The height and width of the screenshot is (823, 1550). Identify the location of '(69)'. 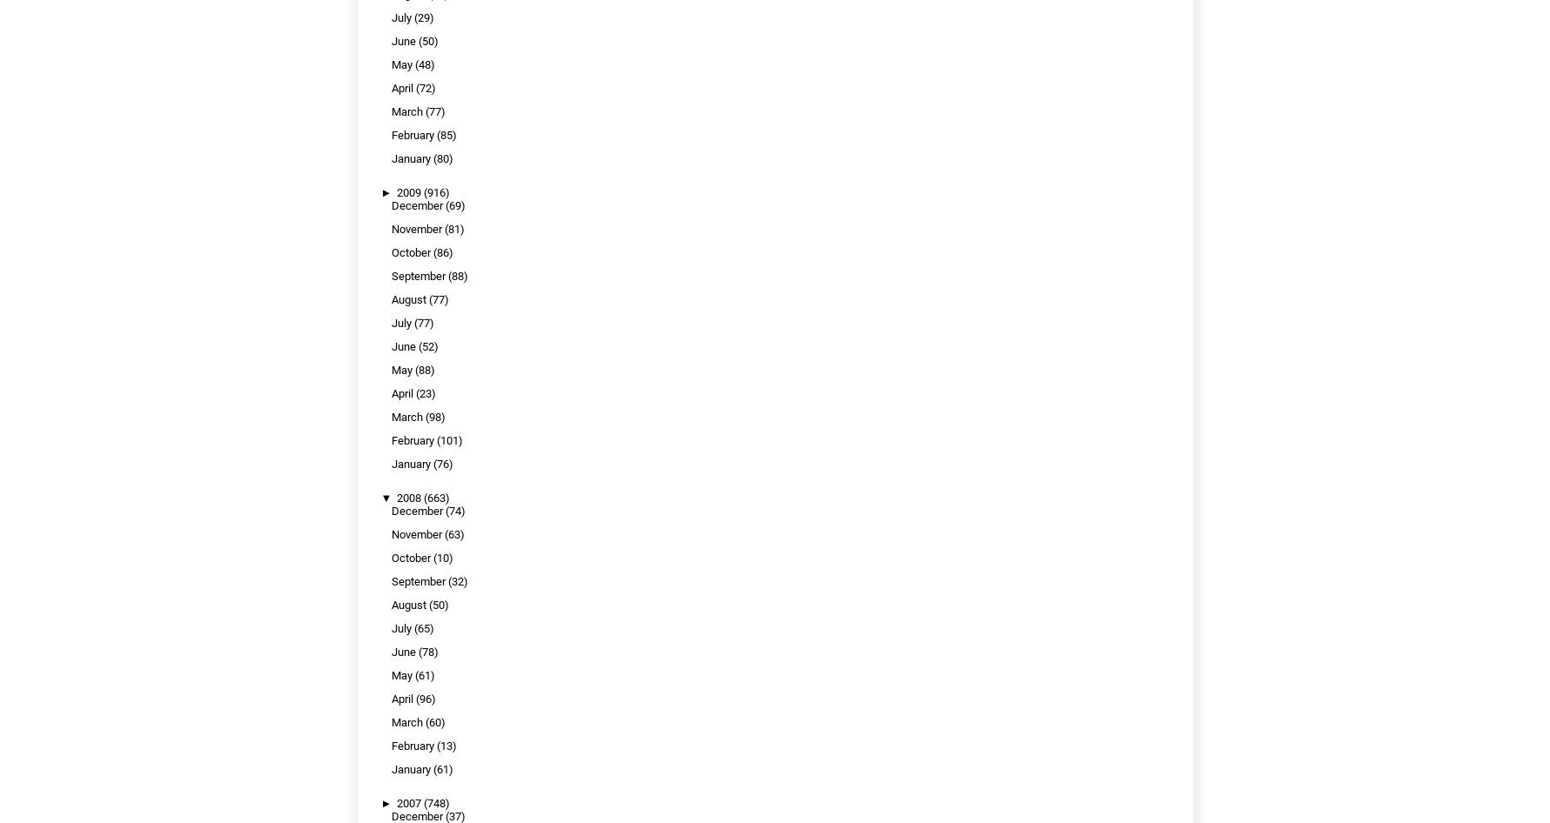
(454, 205).